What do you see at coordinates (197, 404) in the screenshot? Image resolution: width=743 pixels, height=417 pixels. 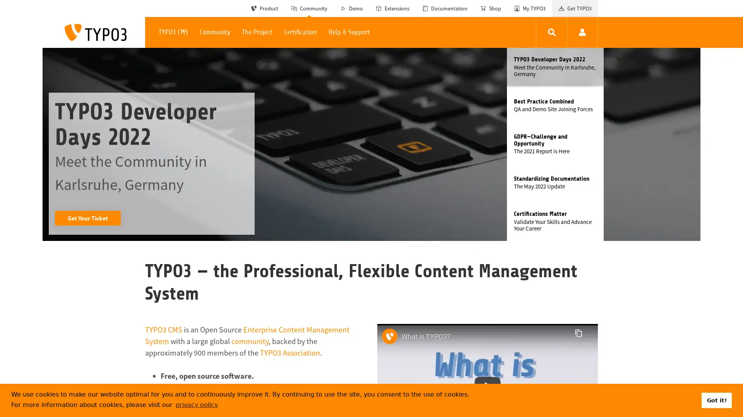 I see `learn more about cookies` at bounding box center [197, 404].